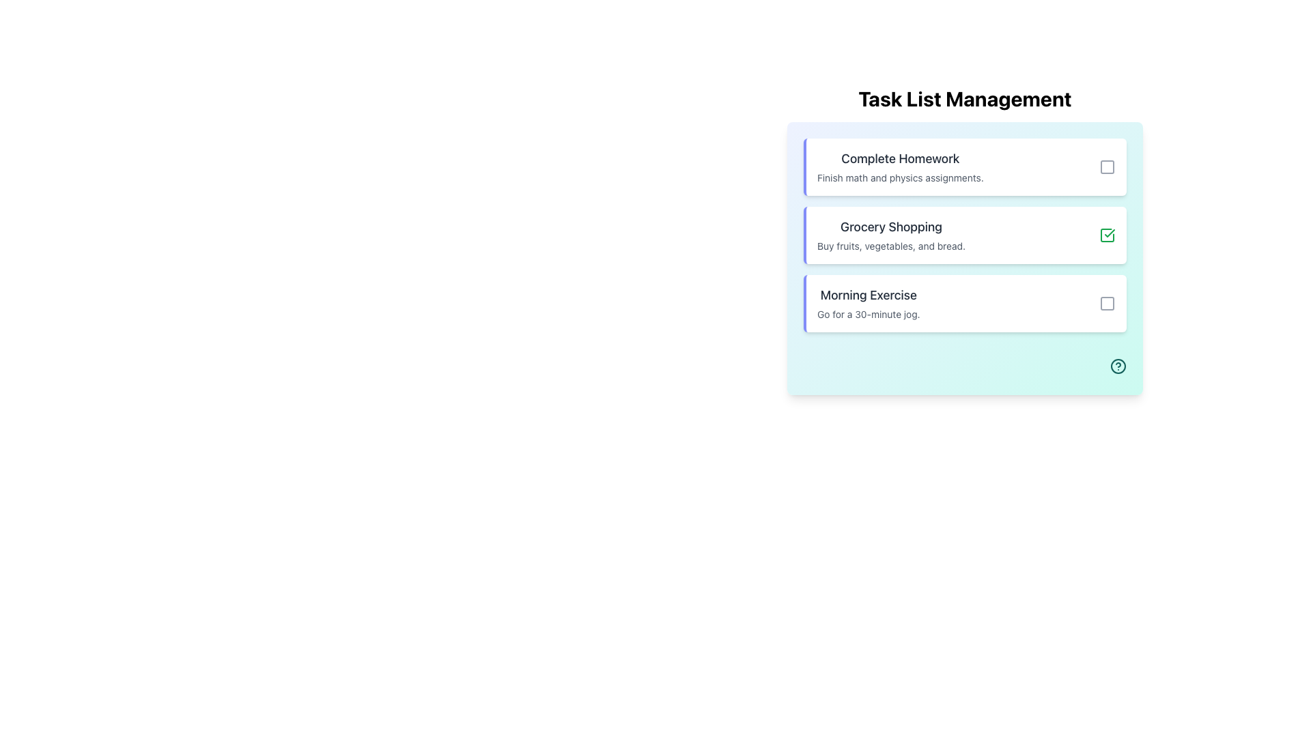 Image resolution: width=1311 pixels, height=737 pixels. I want to click on the text display element that informs the user about the 'Complete Homework' task, which includes a heading and description about finishing math and physics assignments, so click(900, 167).